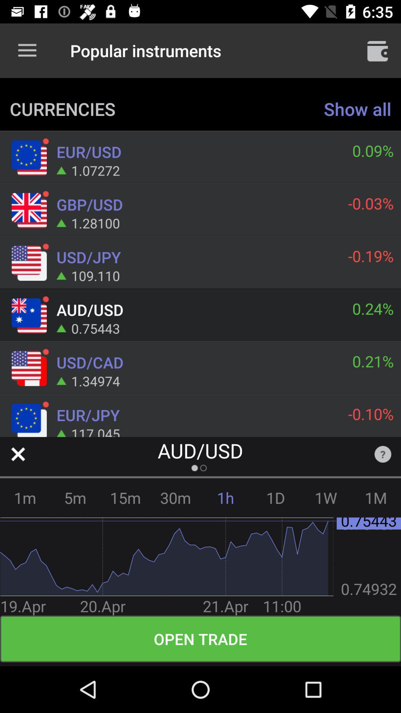 The width and height of the screenshot is (401, 713). What do you see at coordinates (378, 50) in the screenshot?
I see `print` at bounding box center [378, 50].